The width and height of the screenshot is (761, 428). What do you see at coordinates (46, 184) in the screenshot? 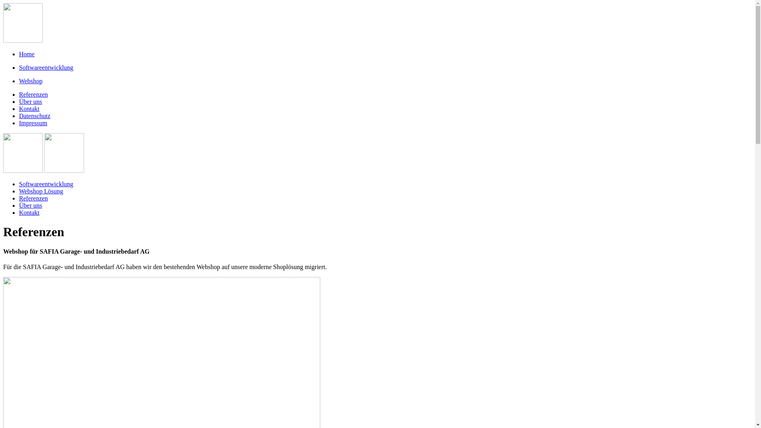
I see `'Softwareentwicklung'` at bounding box center [46, 184].